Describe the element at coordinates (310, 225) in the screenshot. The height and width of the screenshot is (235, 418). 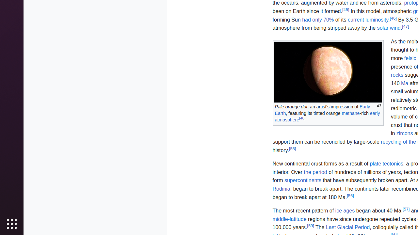
I see `'[59]'` at that location.